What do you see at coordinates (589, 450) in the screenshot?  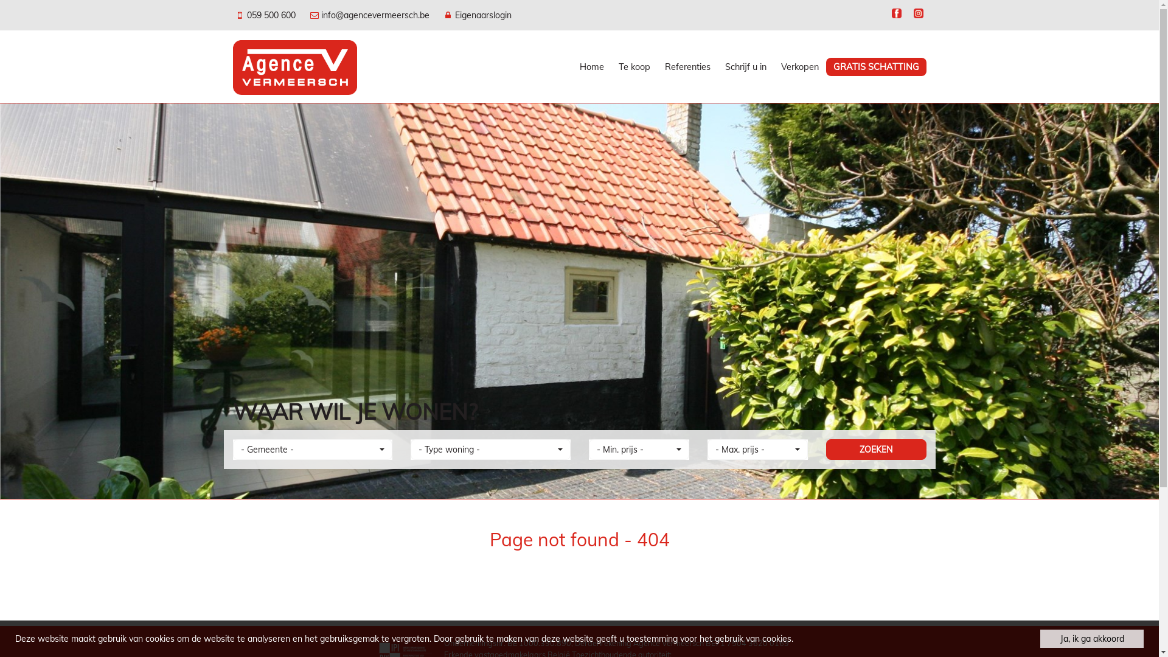 I see `'- Min. prijs -` at bounding box center [589, 450].